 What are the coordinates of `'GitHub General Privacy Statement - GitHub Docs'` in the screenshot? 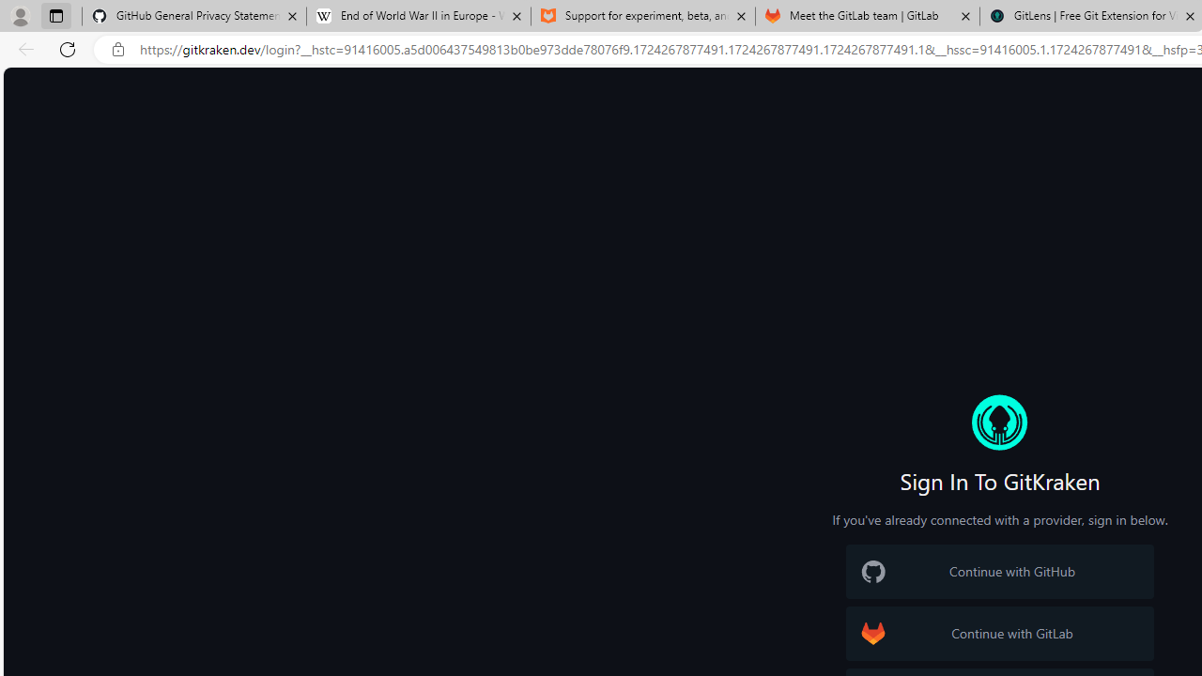 It's located at (194, 16).